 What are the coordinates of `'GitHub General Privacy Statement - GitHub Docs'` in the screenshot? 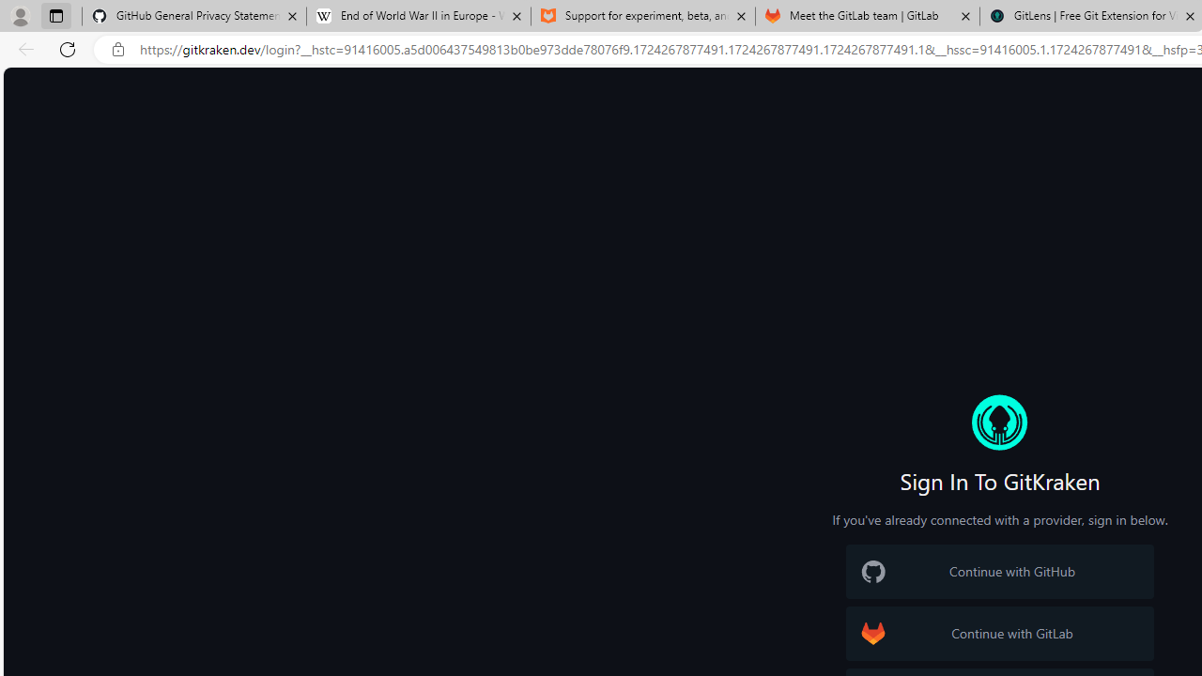 It's located at (194, 16).